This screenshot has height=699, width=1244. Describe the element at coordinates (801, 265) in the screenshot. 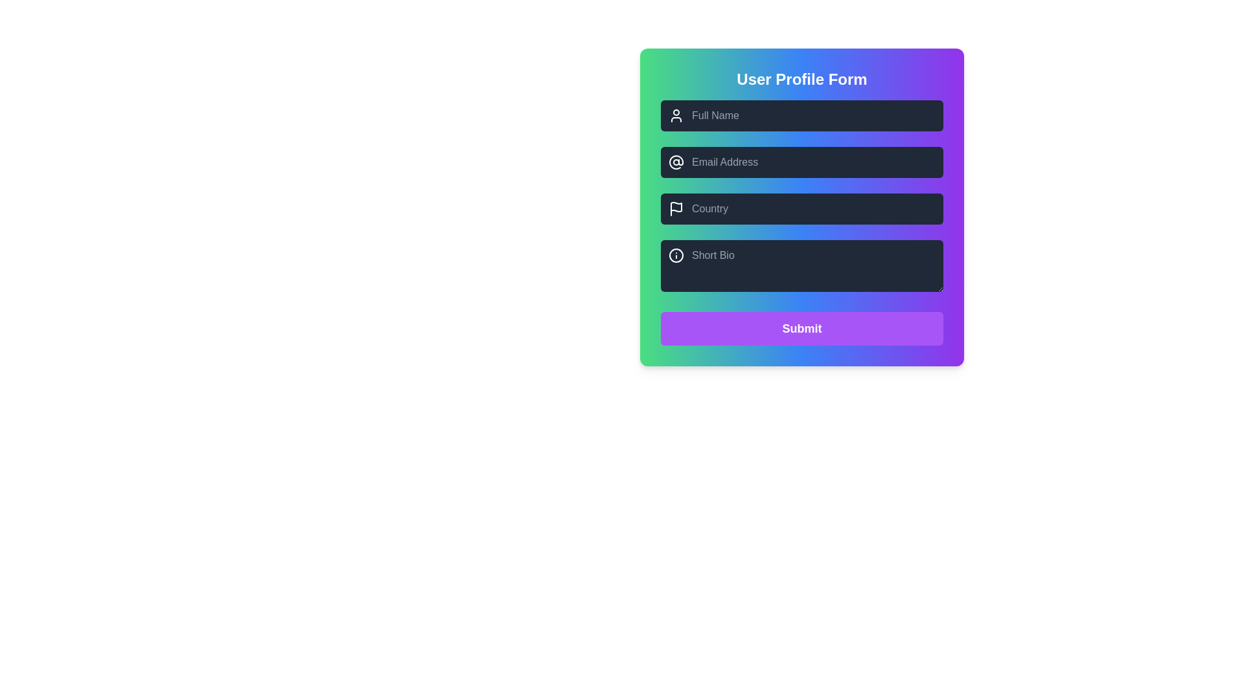

I see `and copy text from the multiline text input field located in the 'User Profile Form', which is the fourth input field positioned below 'Country' and above the submit button` at that location.